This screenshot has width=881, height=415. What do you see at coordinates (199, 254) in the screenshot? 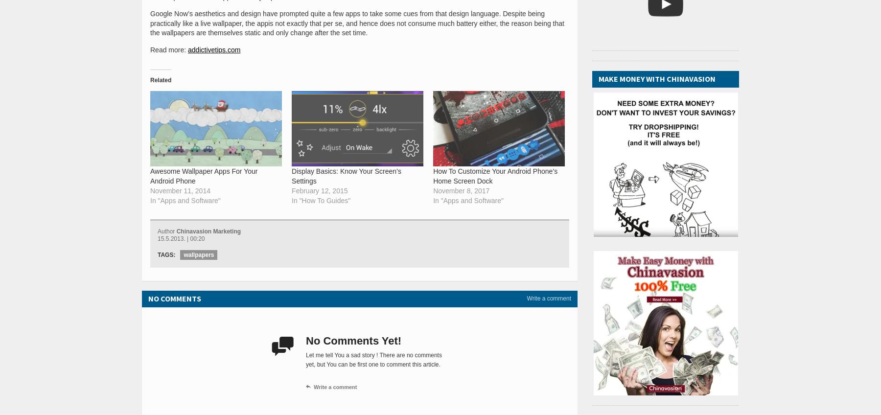
I see `'wallpapers'` at bounding box center [199, 254].